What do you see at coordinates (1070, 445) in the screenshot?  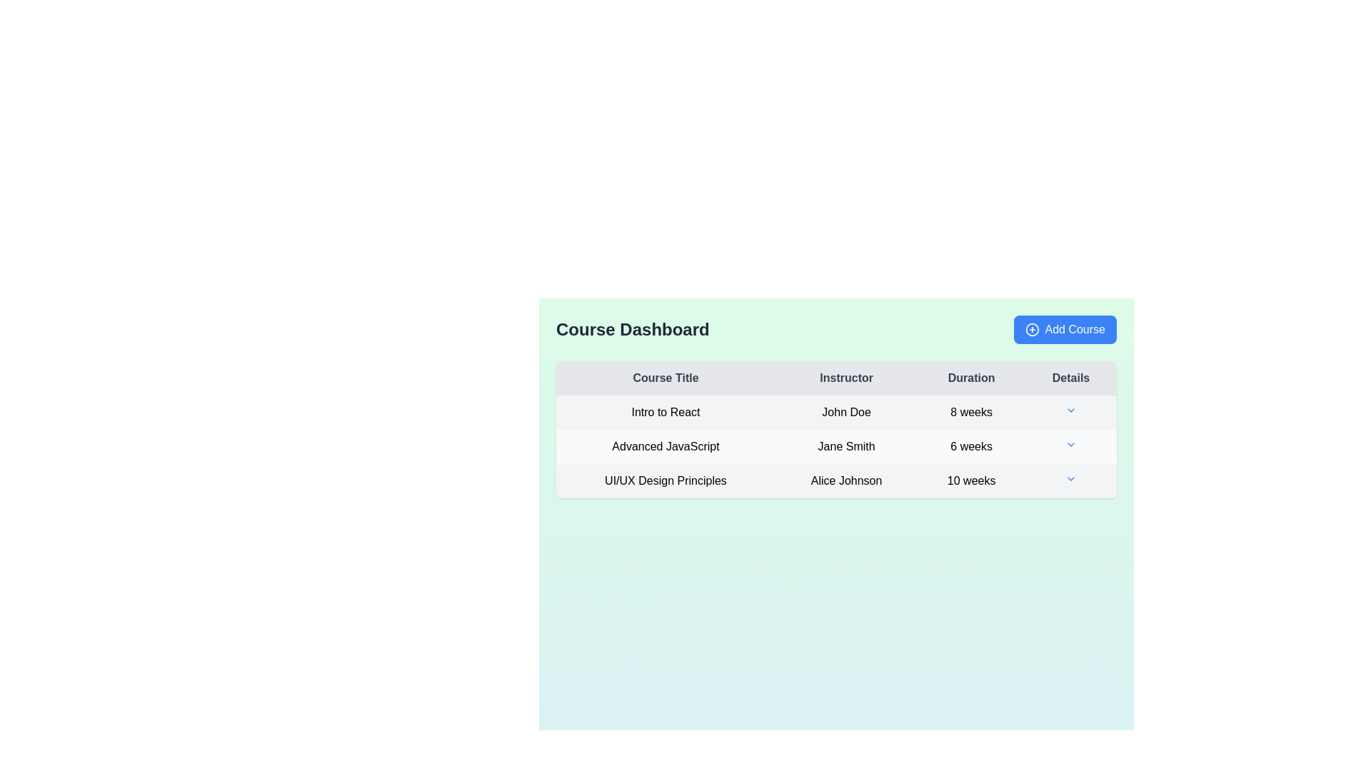 I see `the Dropdown Indicator located to the right of the '6 weeks' duration text in the 'Advanced JavaScript' row under the 'Details' column` at bounding box center [1070, 445].